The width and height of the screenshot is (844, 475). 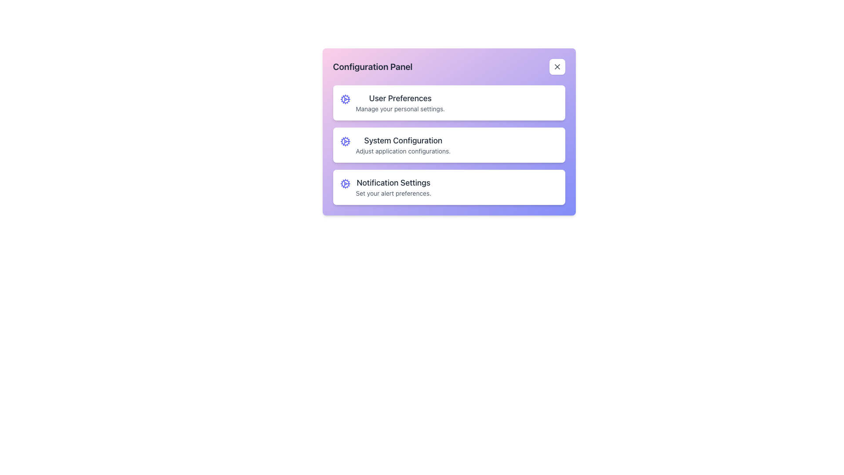 I want to click on the Interactive Button located in the Configuration Panel beneath the User Preferences section, so click(x=449, y=132).